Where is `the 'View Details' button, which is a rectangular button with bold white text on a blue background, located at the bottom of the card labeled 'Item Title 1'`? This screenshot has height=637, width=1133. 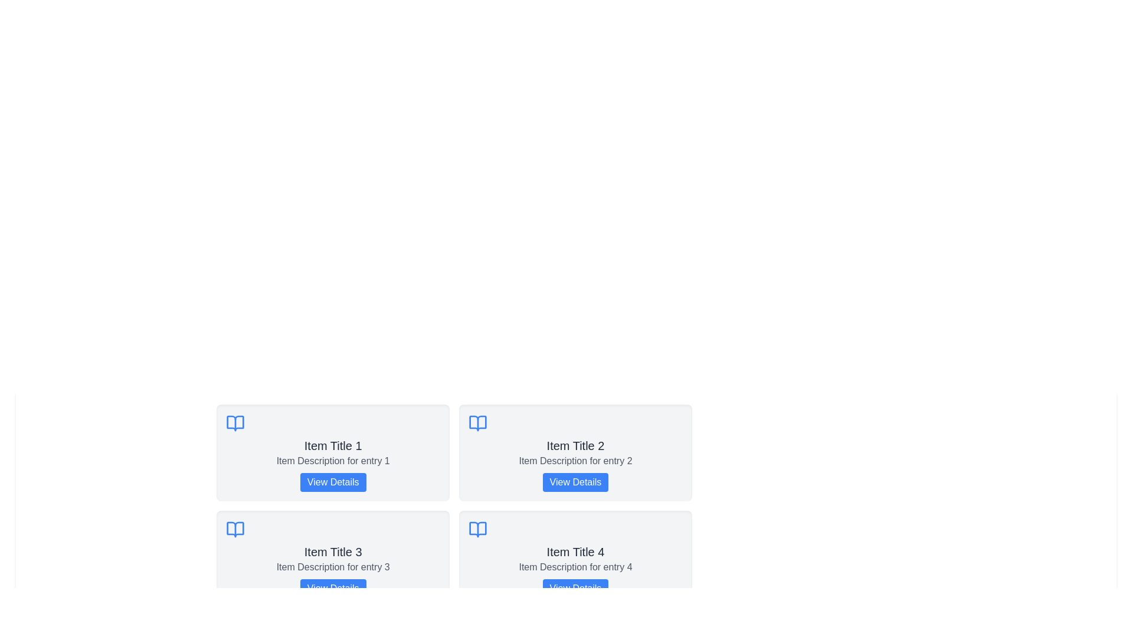
the 'View Details' button, which is a rectangular button with bold white text on a blue background, located at the bottom of the card labeled 'Item Title 1' is located at coordinates (332, 482).